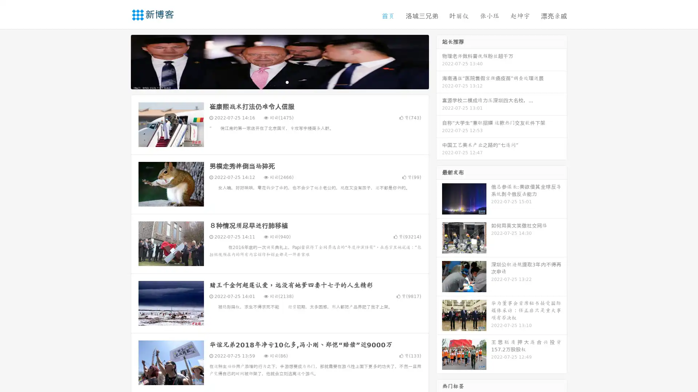 Image resolution: width=698 pixels, height=392 pixels. What do you see at coordinates (439, 61) in the screenshot?
I see `Next slide` at bounding box center [439, 61].